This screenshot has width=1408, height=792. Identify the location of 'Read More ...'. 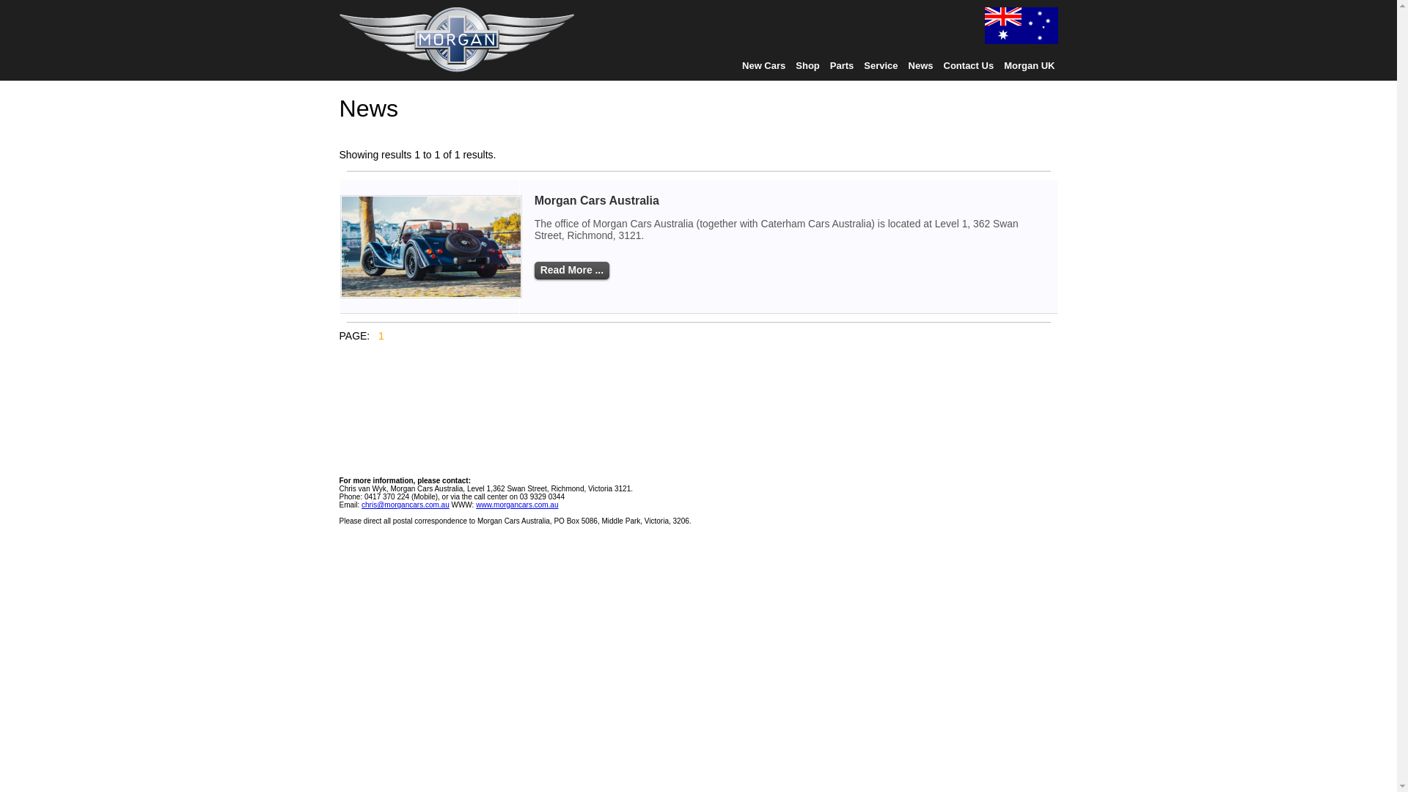
(571, 271).